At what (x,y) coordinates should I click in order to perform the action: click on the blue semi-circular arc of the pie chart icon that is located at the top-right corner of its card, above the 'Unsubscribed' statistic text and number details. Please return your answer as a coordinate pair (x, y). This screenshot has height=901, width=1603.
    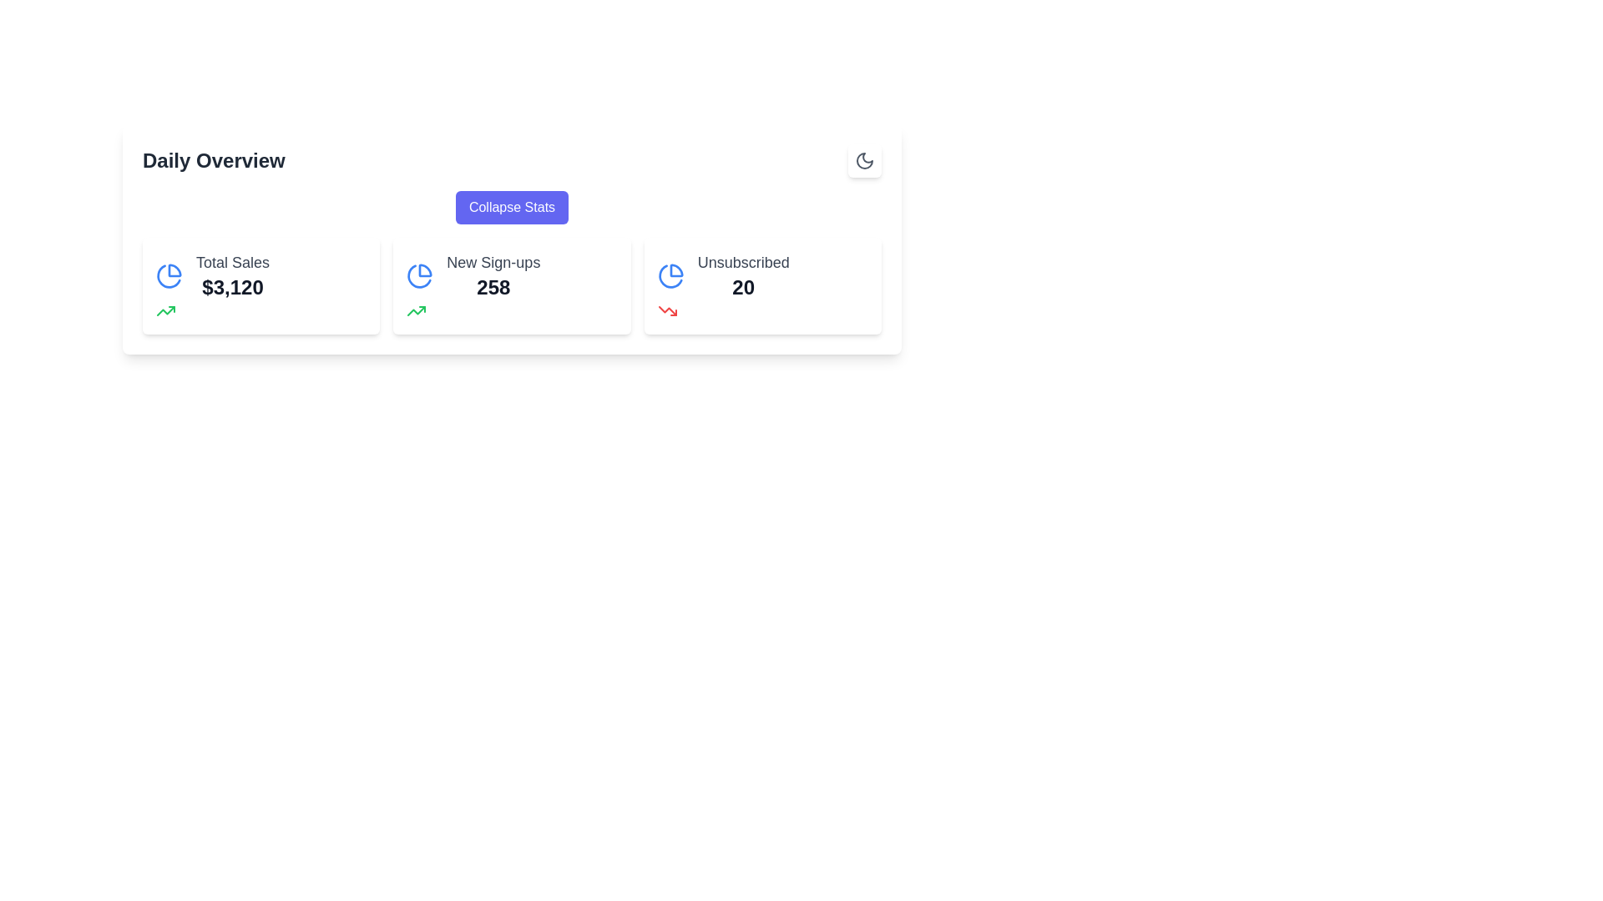
    Looking at the image, I should click on (676, 269).